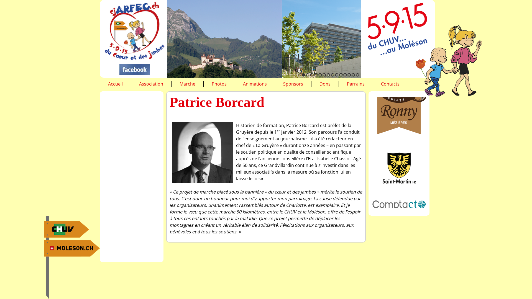 The height and width of the screenshot is (299, 532). Describe the element at coordinates (108, 84) in the screenshot. I see `'Accueil'` at that location.